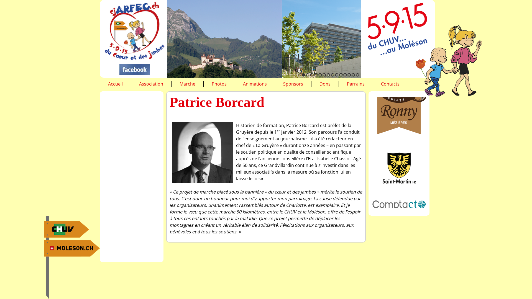 The height and width of the screenshot is (299, 532). Describe the element at coordinates (108, 84) in the screenshot. I see `'Accueil'` at that location.